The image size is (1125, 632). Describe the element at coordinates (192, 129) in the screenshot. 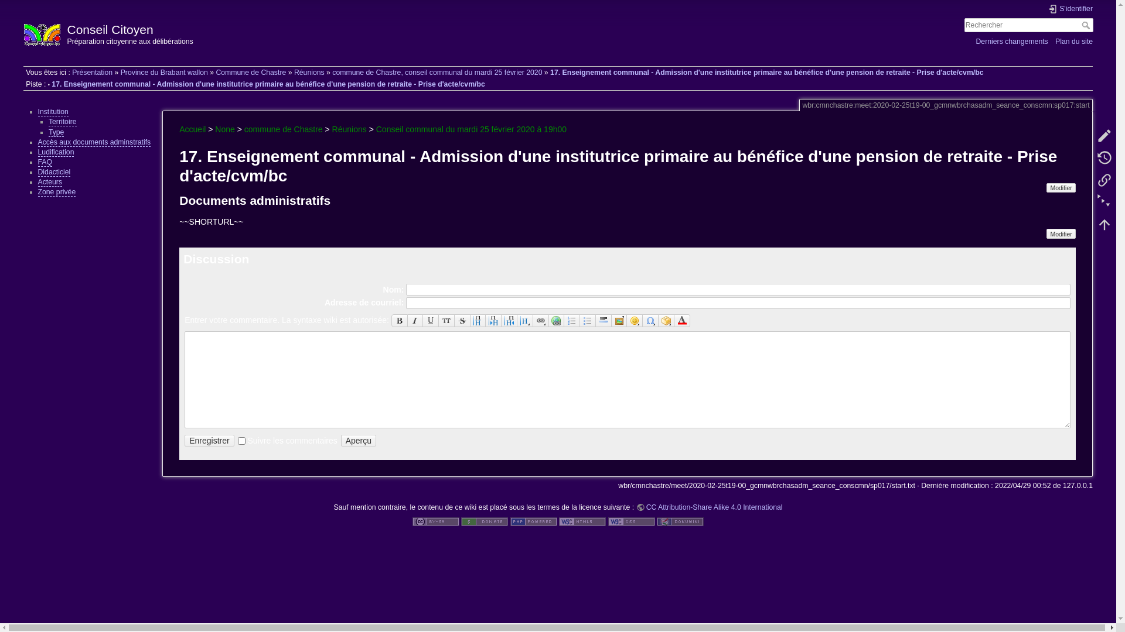

I see `'Accueil'` at that location.